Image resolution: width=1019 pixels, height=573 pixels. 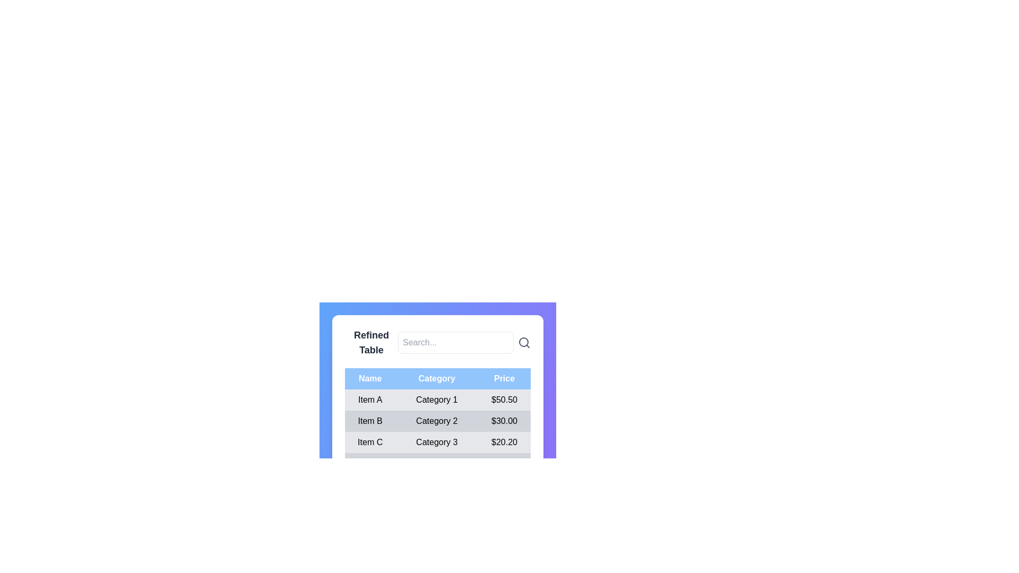 I want to click on the price value label for 'Item B' located in the third column of the second row of the 'Refined Table', so click(x=504, y=421).